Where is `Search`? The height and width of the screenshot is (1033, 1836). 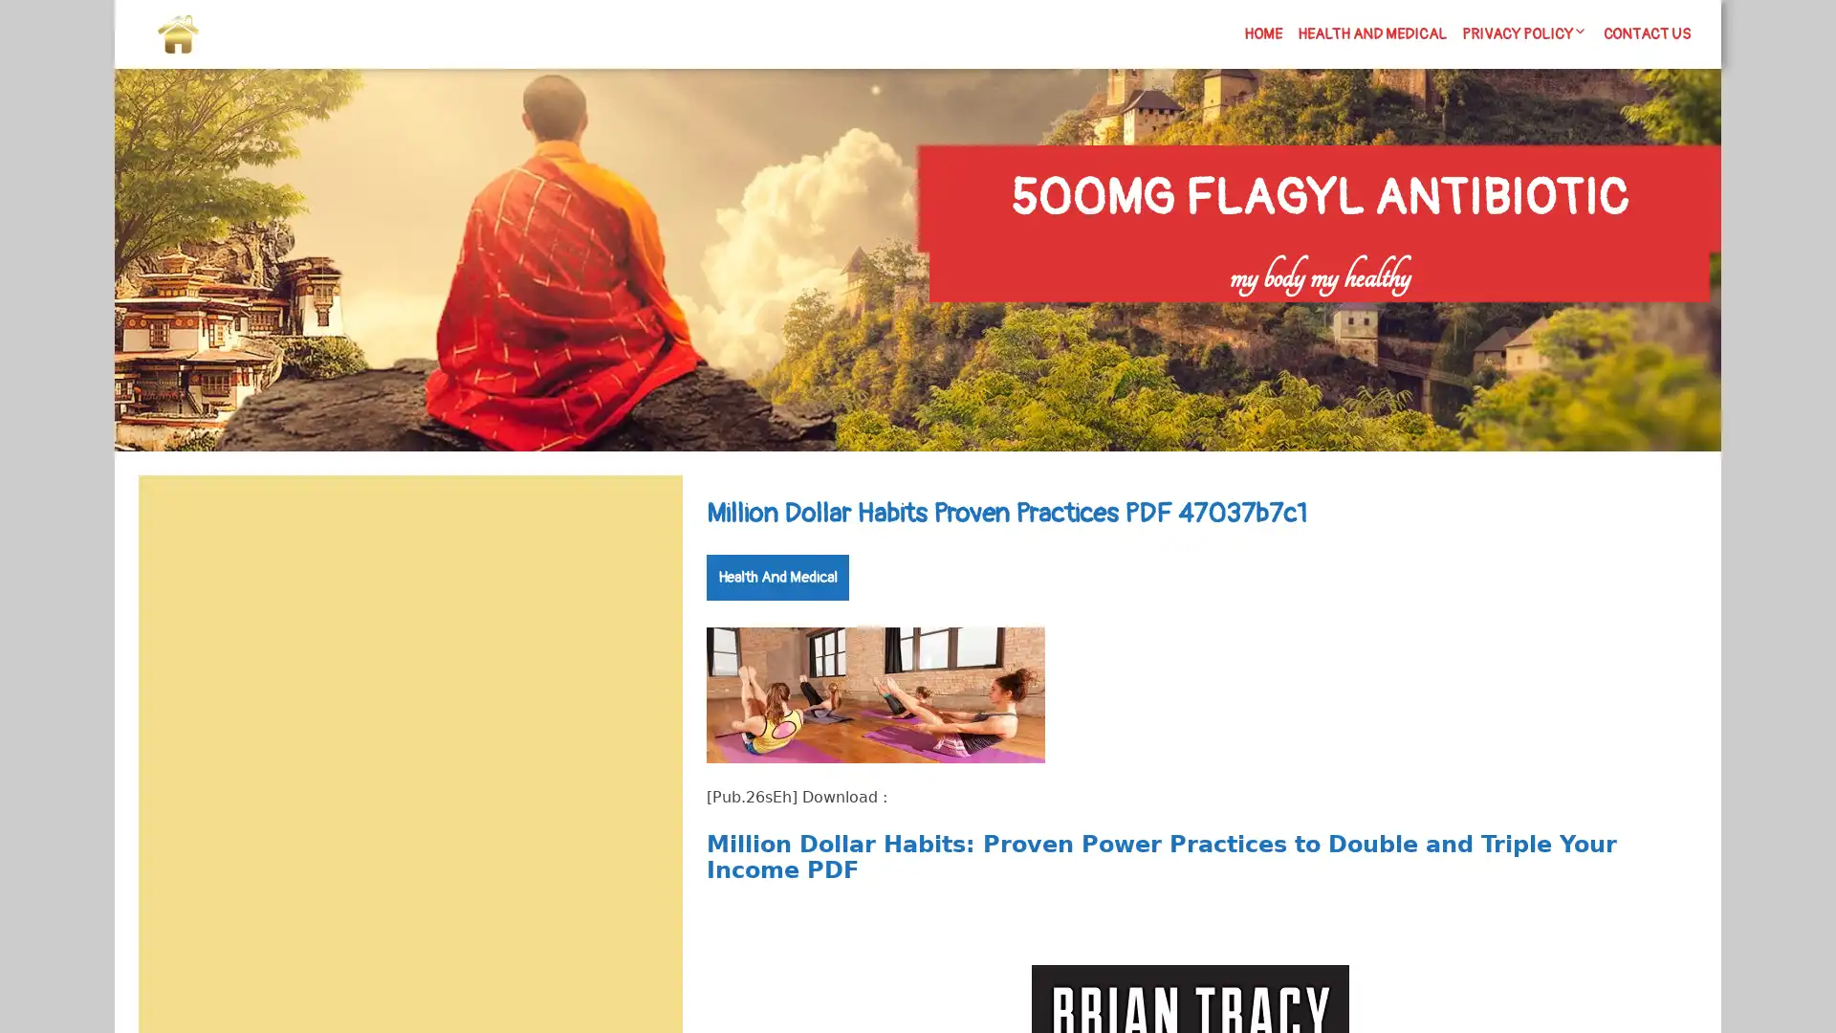 Search is located at coordinates (638, 521).